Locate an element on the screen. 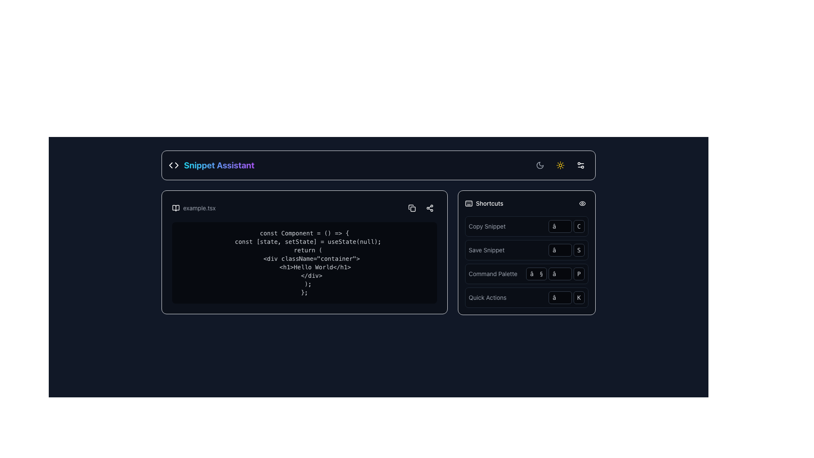 The width and height of the screenshot is (814, 458). the keyboard shortcut display for the 'Copy Snippet' action, which shows the keys '⌘' and 'C' together is located at coordinates (566, 226).